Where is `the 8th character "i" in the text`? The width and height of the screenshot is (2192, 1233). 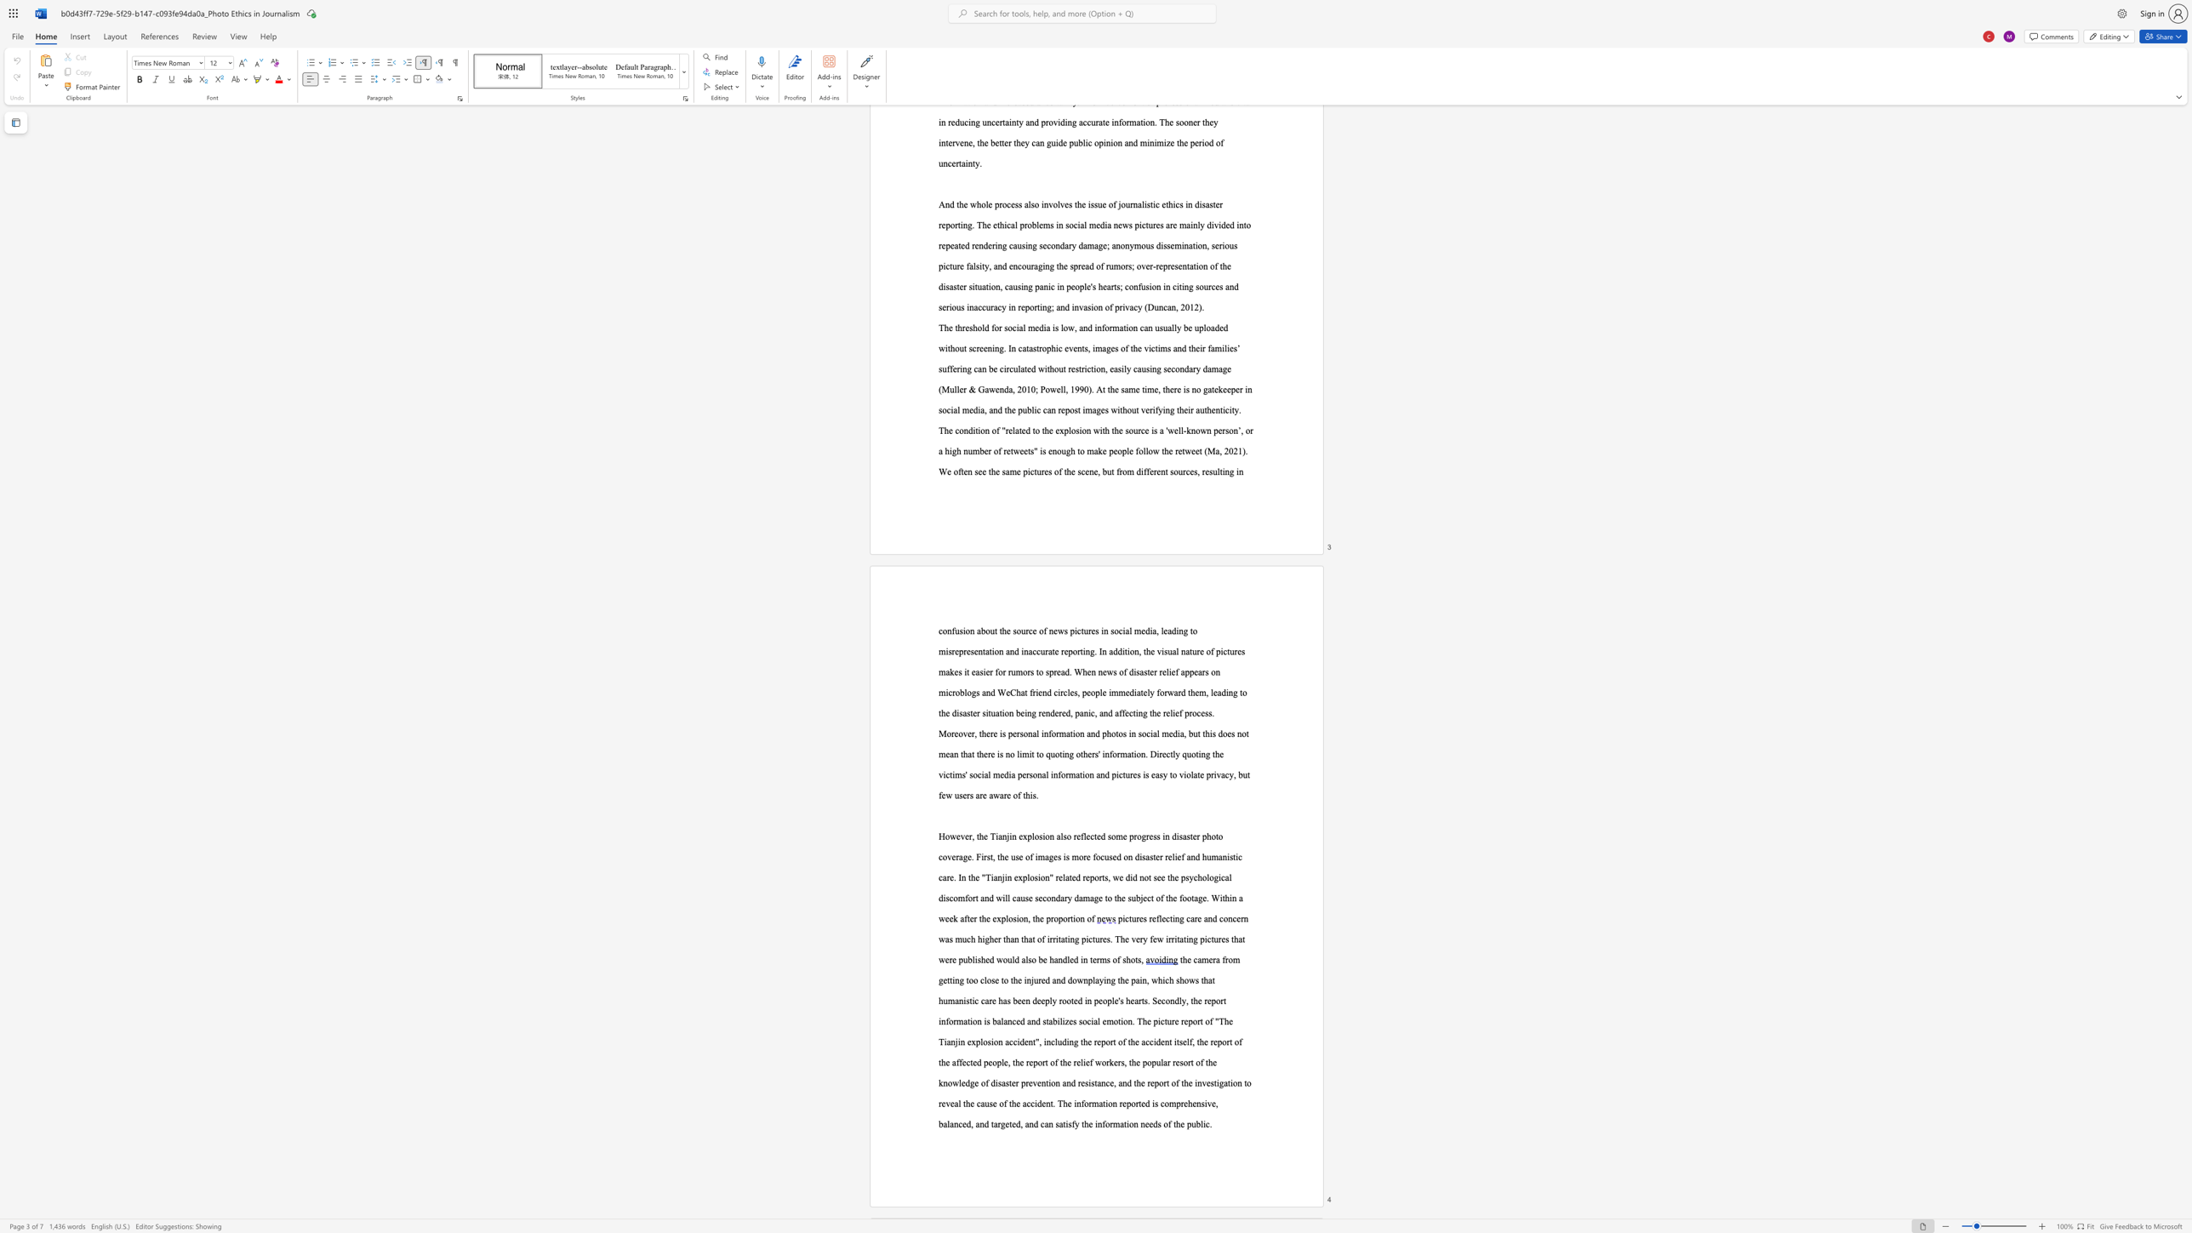
the 8th character "i" in the text is located at coordinates (991, 651).